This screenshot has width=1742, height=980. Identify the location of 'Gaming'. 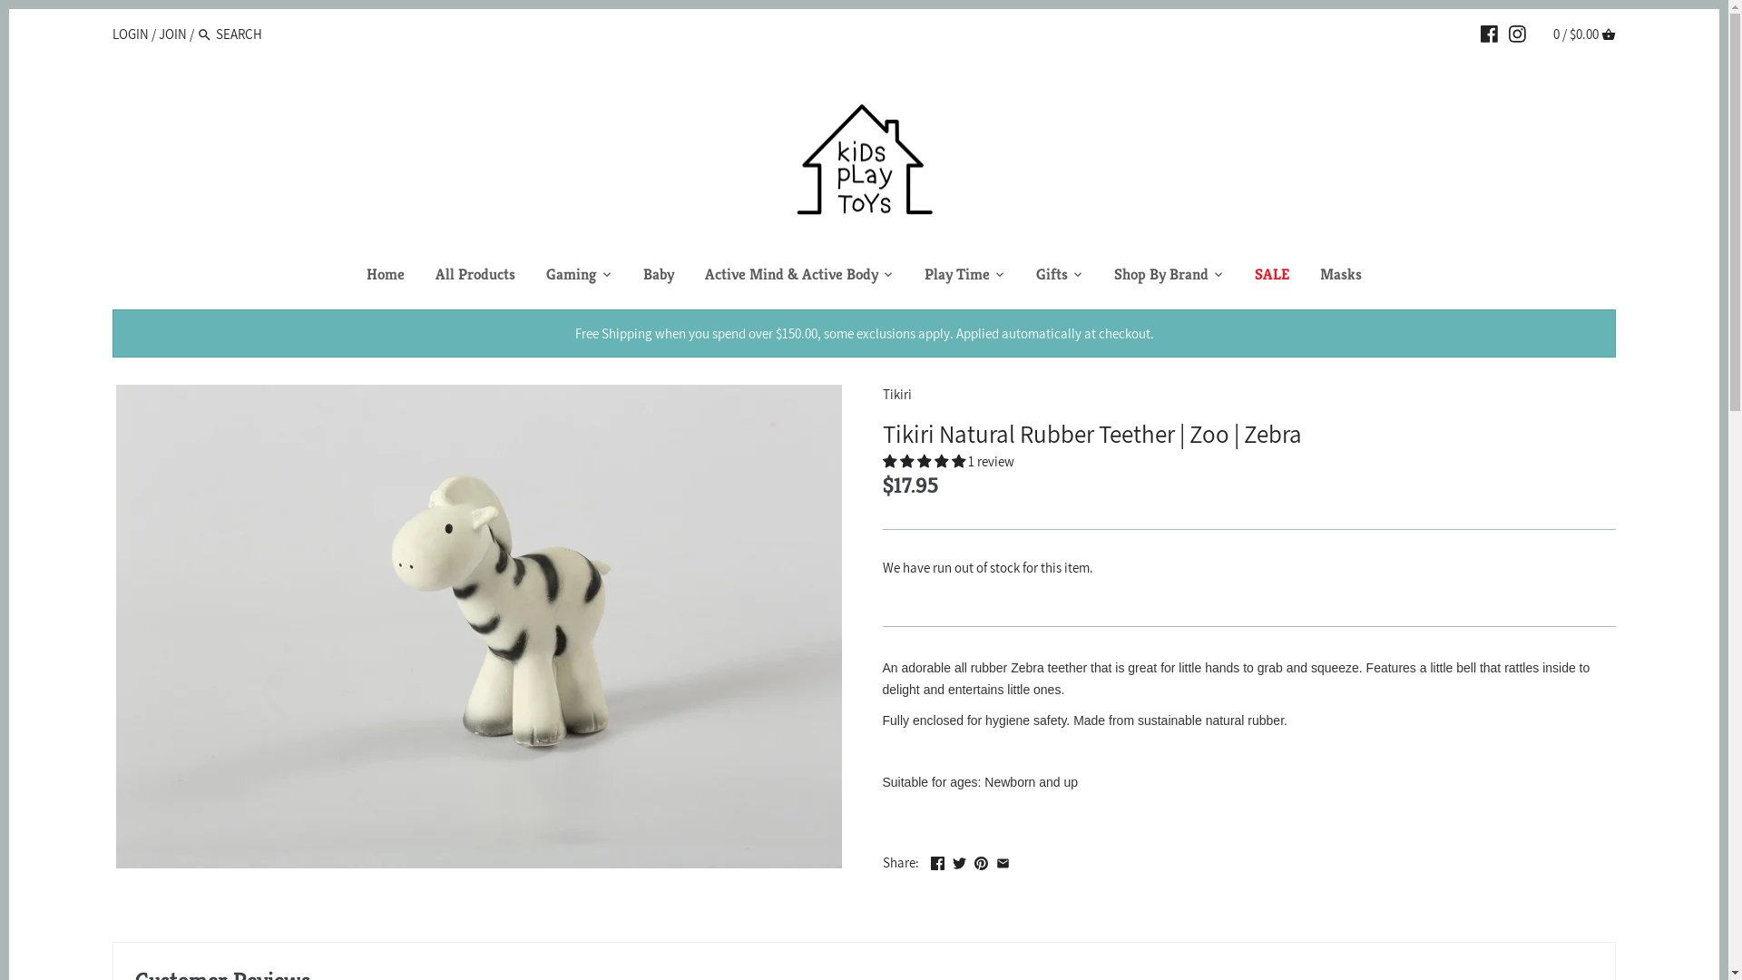
(570, 276).